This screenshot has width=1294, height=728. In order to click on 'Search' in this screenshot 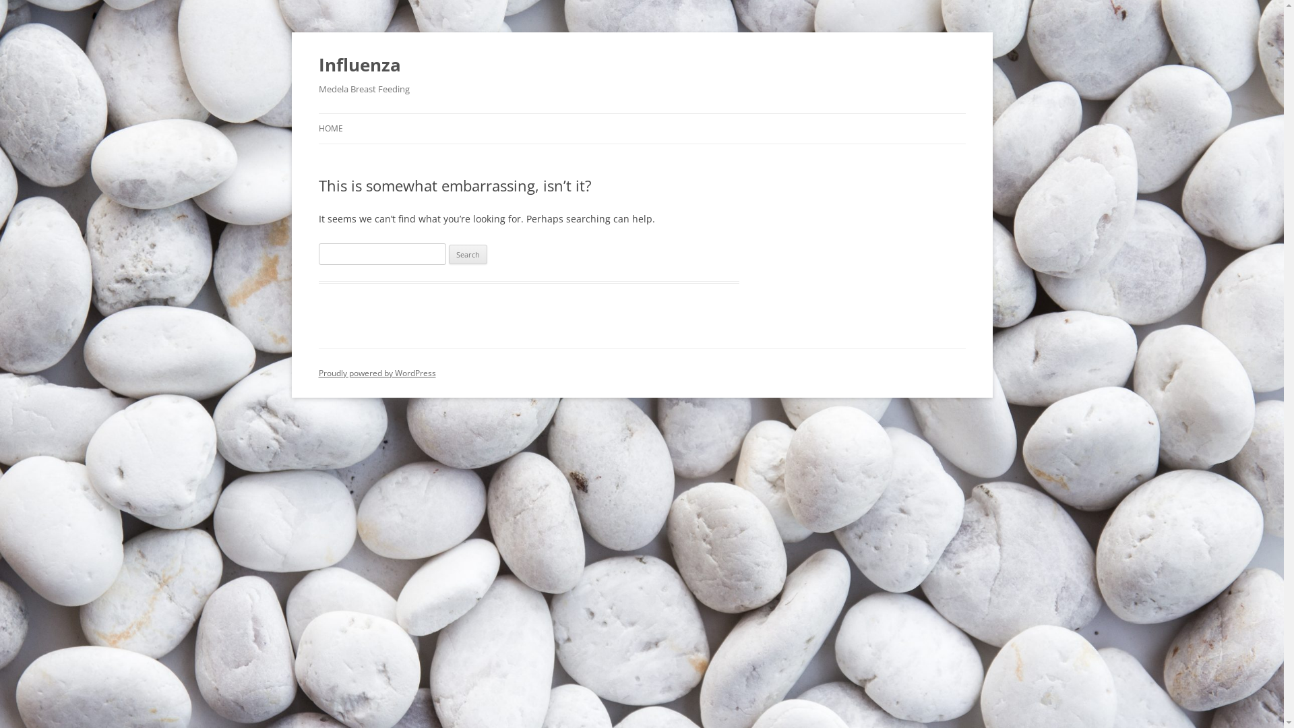, I will do `click(468, 255)`.